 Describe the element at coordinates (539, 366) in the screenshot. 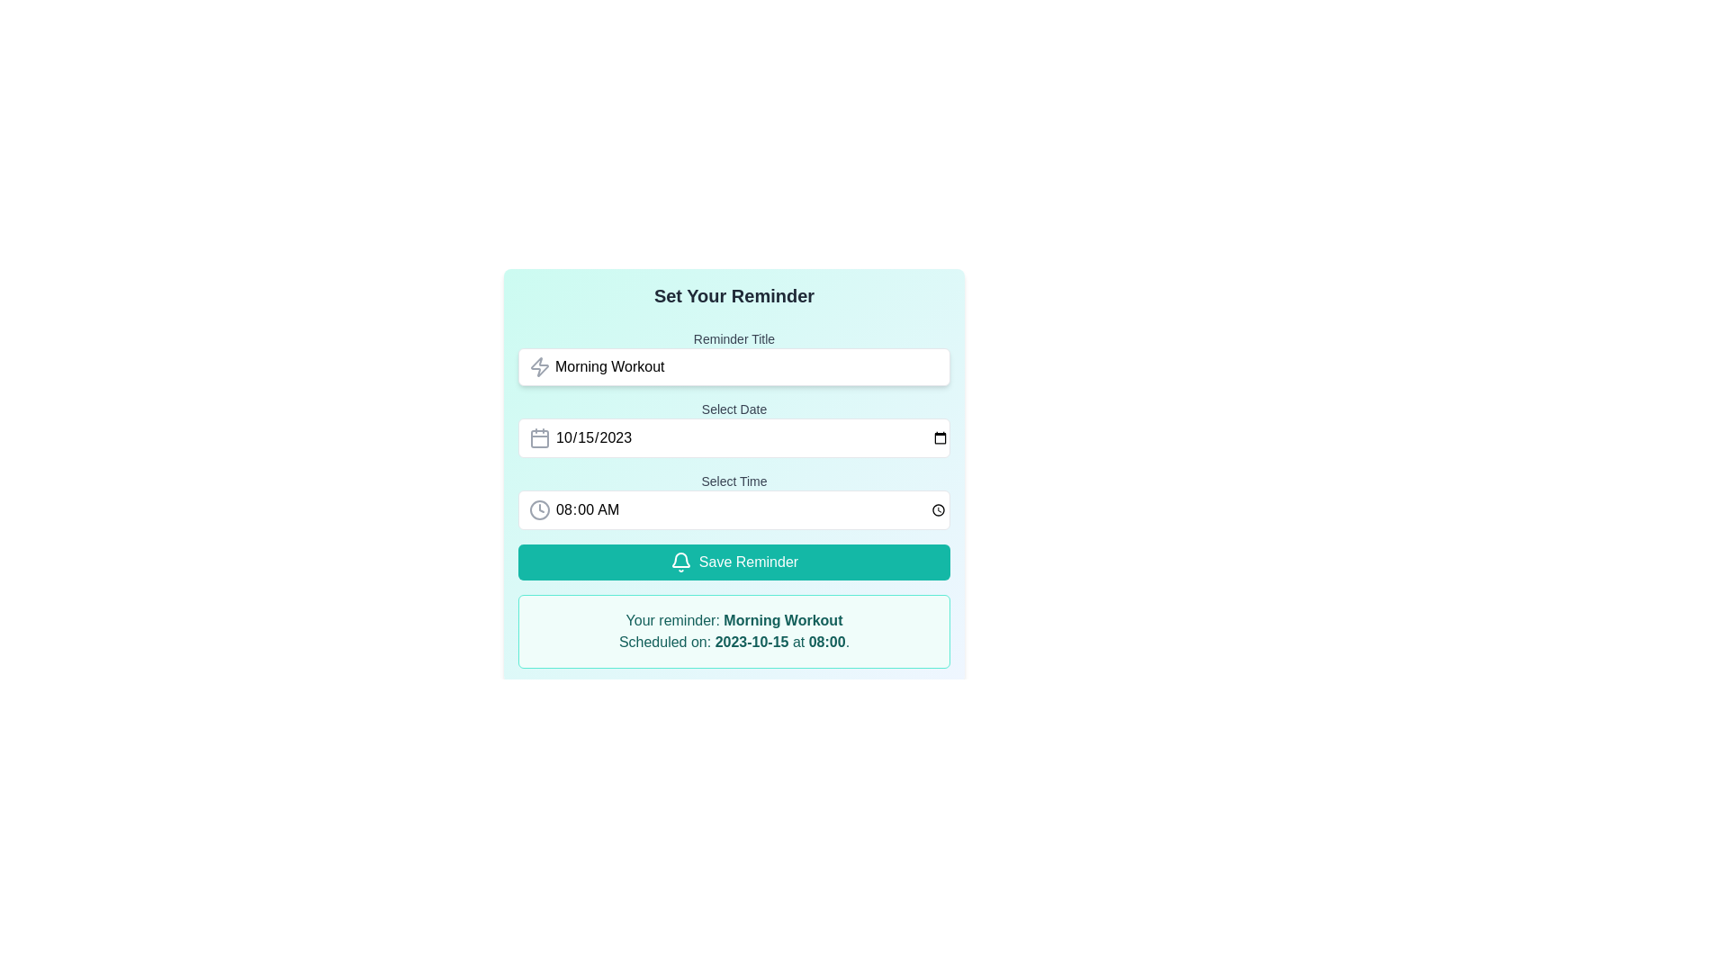

I see `the small gray lightning bolt icon located to the left of the 'Morning Workout' text input field` at that location.